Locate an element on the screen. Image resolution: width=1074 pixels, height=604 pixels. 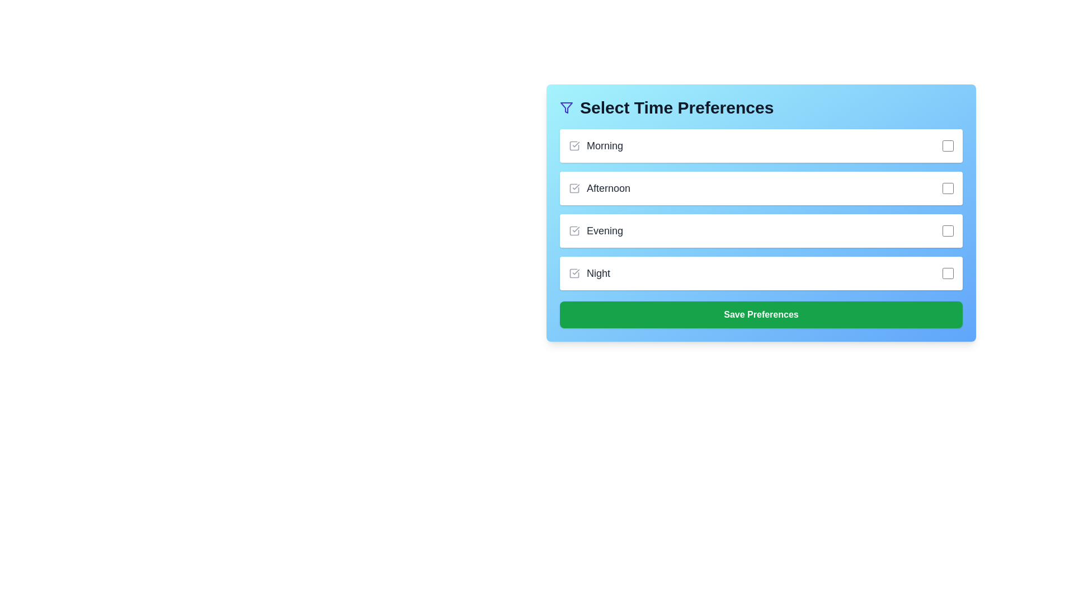
the checkbox associated with the 'Morning' label is located at coordinates (595, 145).